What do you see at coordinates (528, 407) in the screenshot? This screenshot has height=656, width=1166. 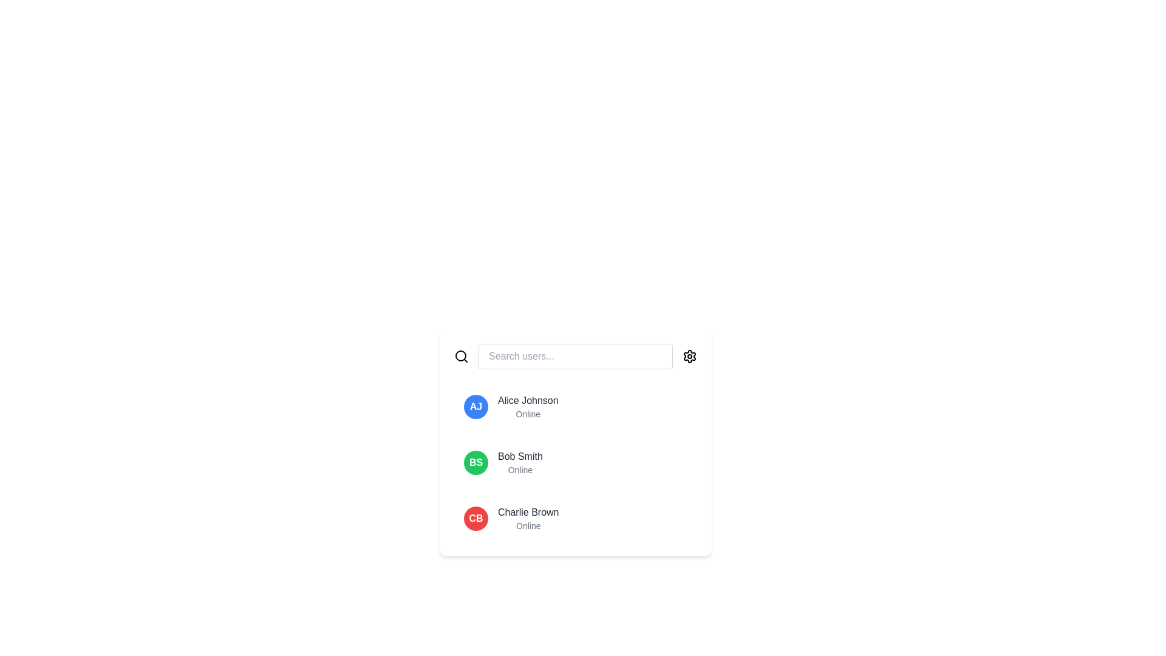 I see `the Text Display element that shows 'Alice Johnson' and 'Online', which is located next to the circular blue icon with initials 'AJ'` at bounding box center [528, 407].